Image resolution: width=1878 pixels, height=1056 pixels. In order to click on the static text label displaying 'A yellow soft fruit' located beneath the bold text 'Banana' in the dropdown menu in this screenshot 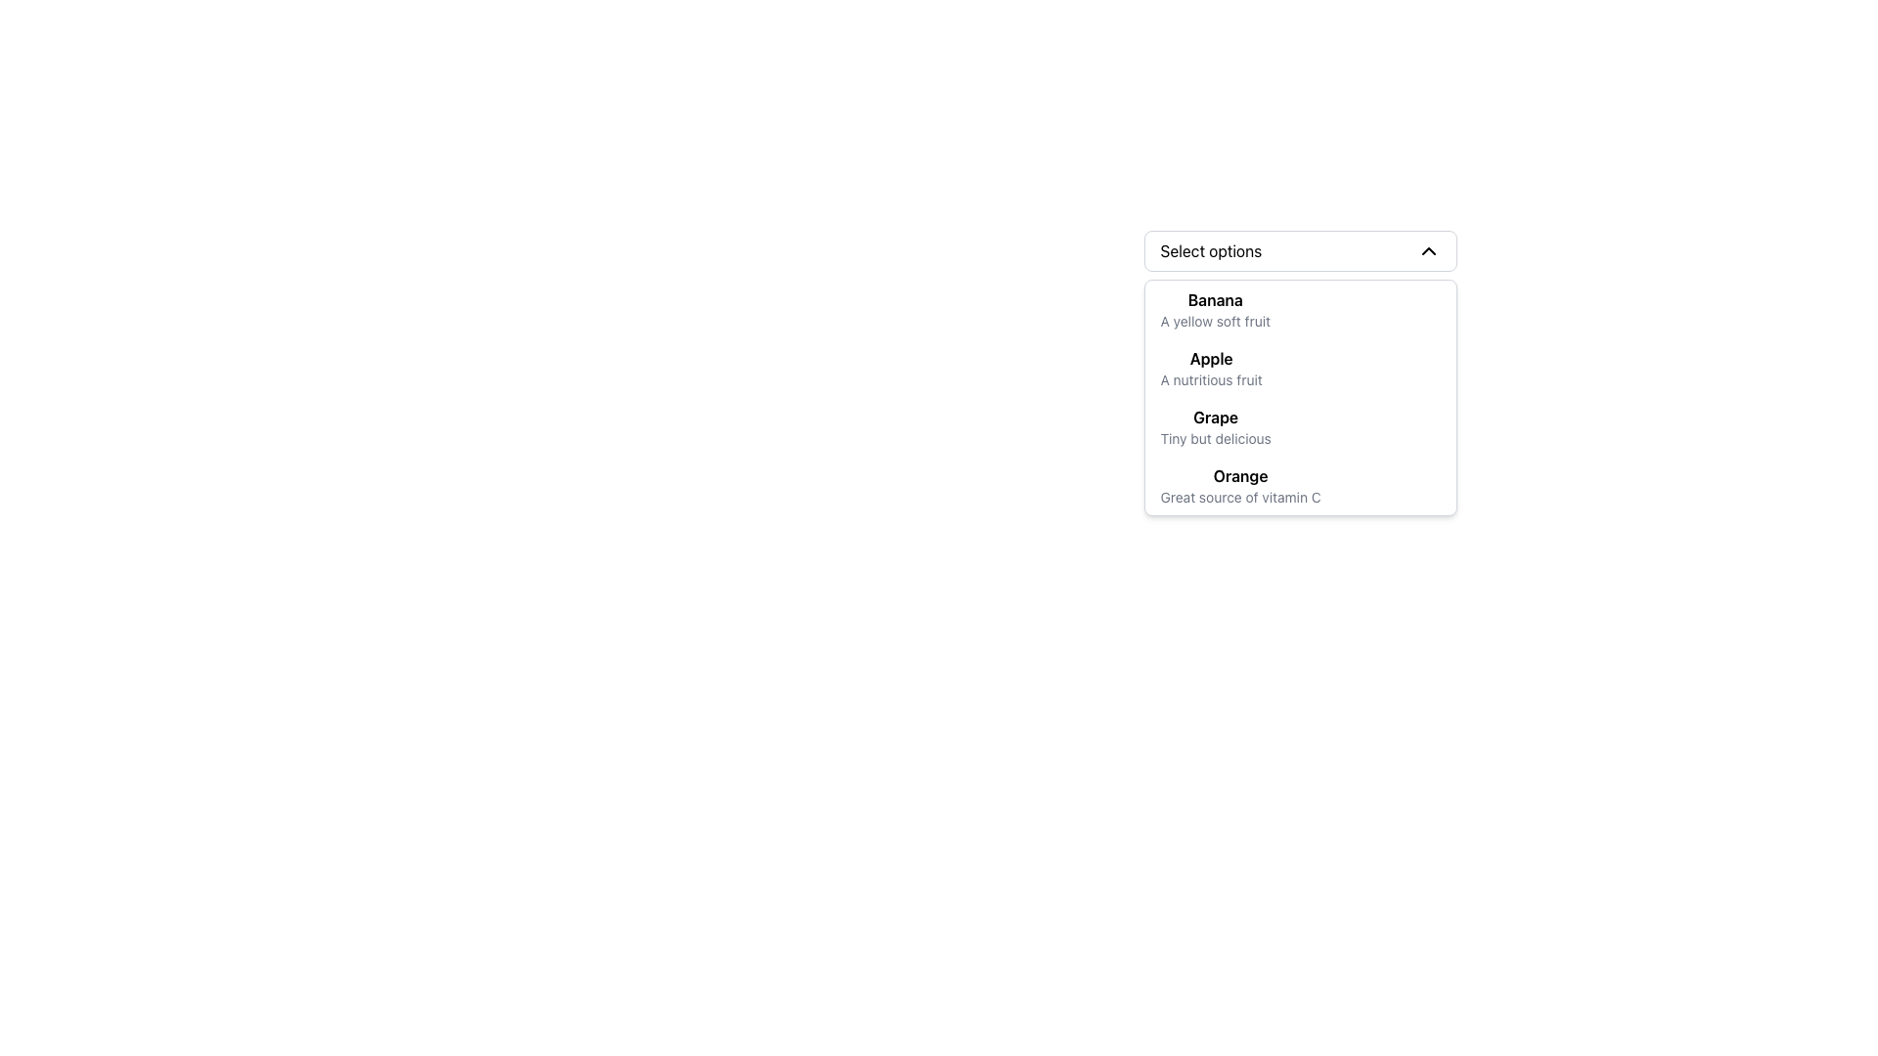, I will do `click(1214, 320)`.